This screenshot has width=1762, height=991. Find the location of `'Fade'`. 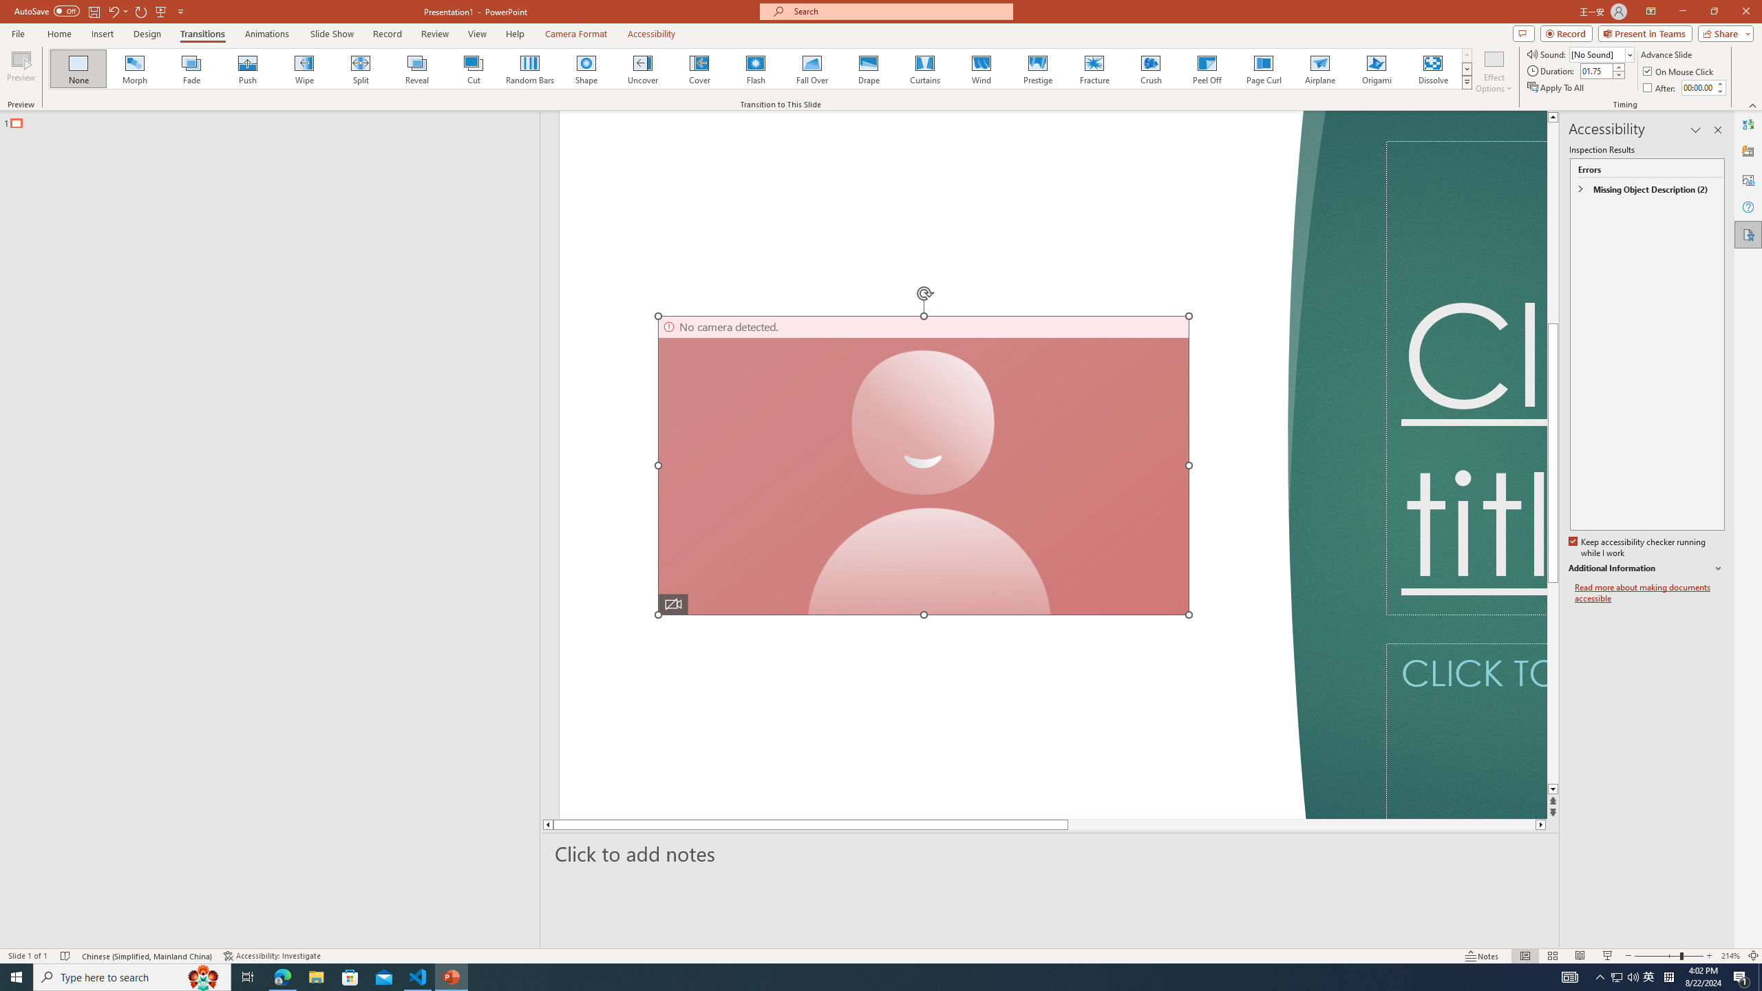

'Fade' is located at coordinates (191, 68).